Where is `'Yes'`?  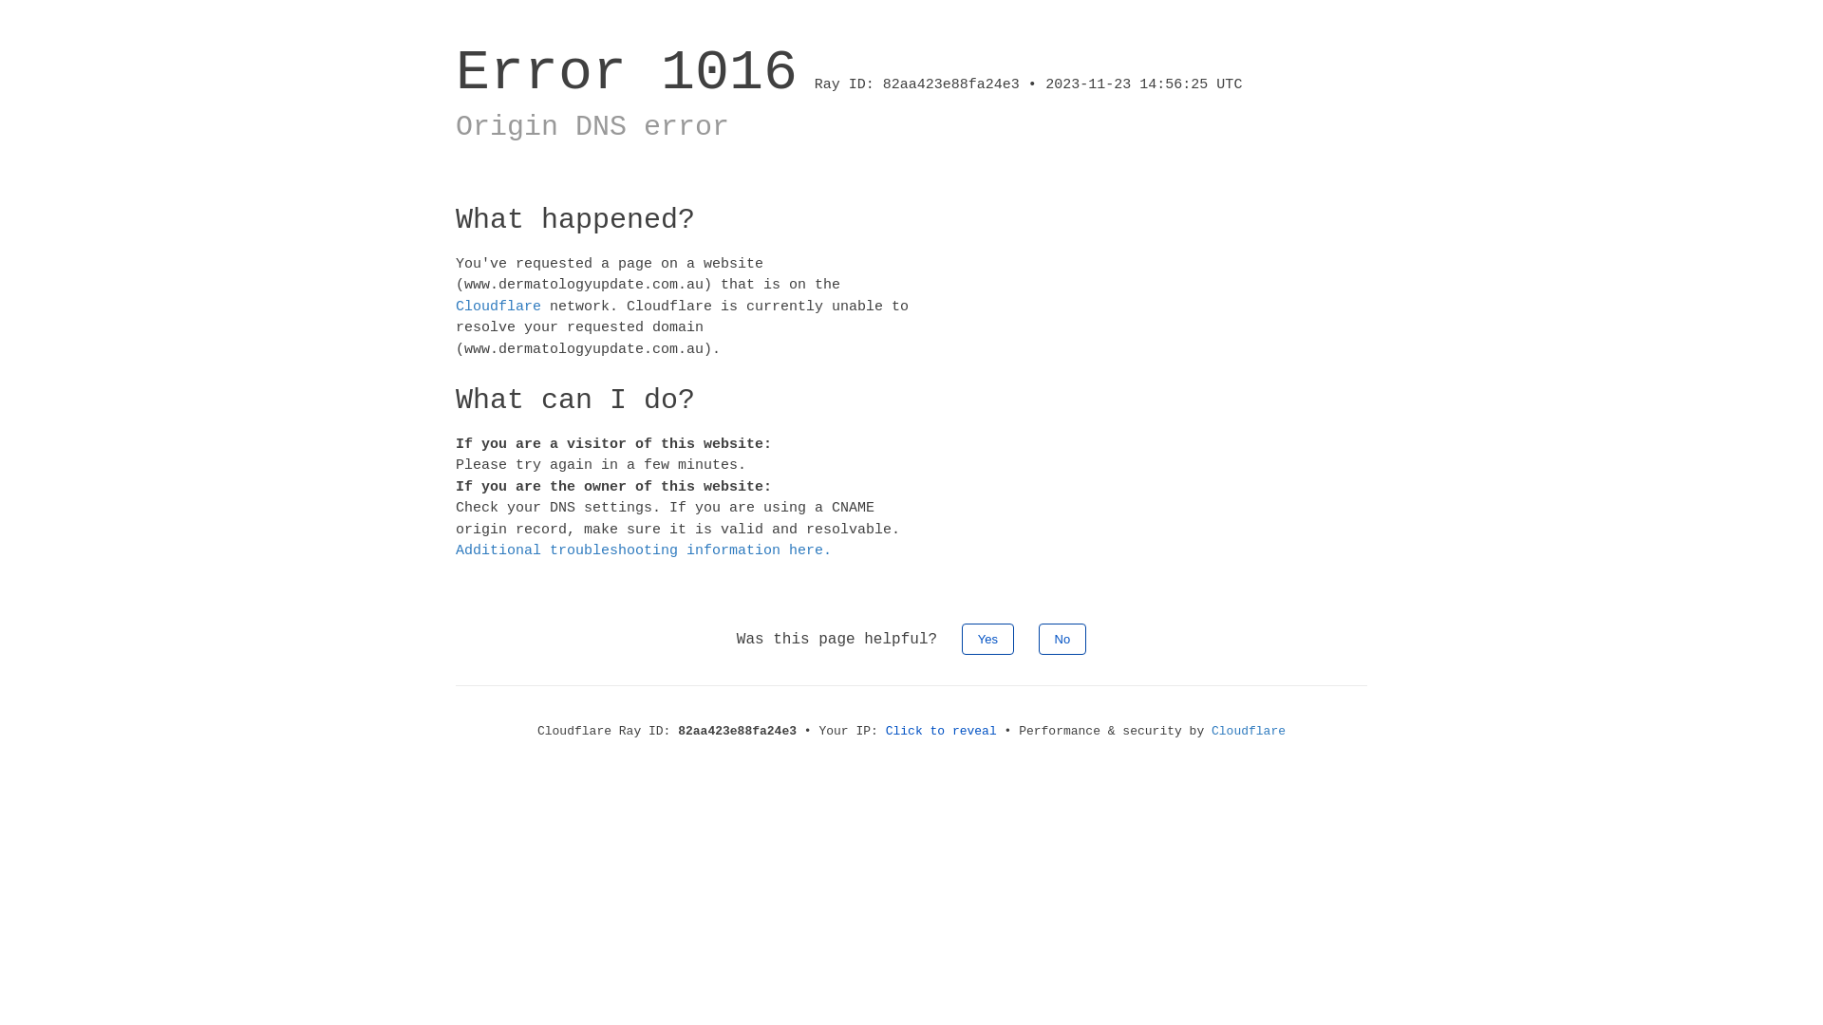
'Yes' is located at coordinates (987, 638).